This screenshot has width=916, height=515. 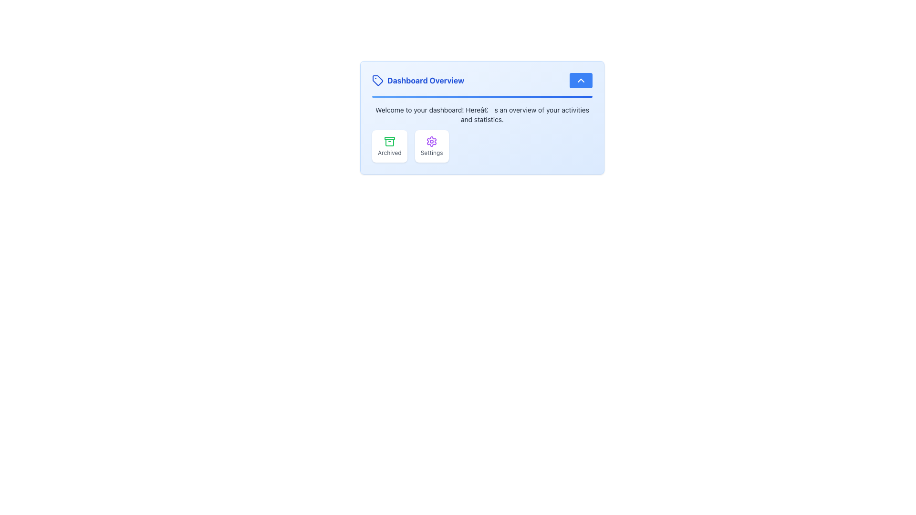 I want to click on the SVG icon representing tagging or labeling, which is part of the 'lucide lucide-tag' class, located near the top-left corner of the interface next to 'Dashboard Overview', so click(x=377, y=80).